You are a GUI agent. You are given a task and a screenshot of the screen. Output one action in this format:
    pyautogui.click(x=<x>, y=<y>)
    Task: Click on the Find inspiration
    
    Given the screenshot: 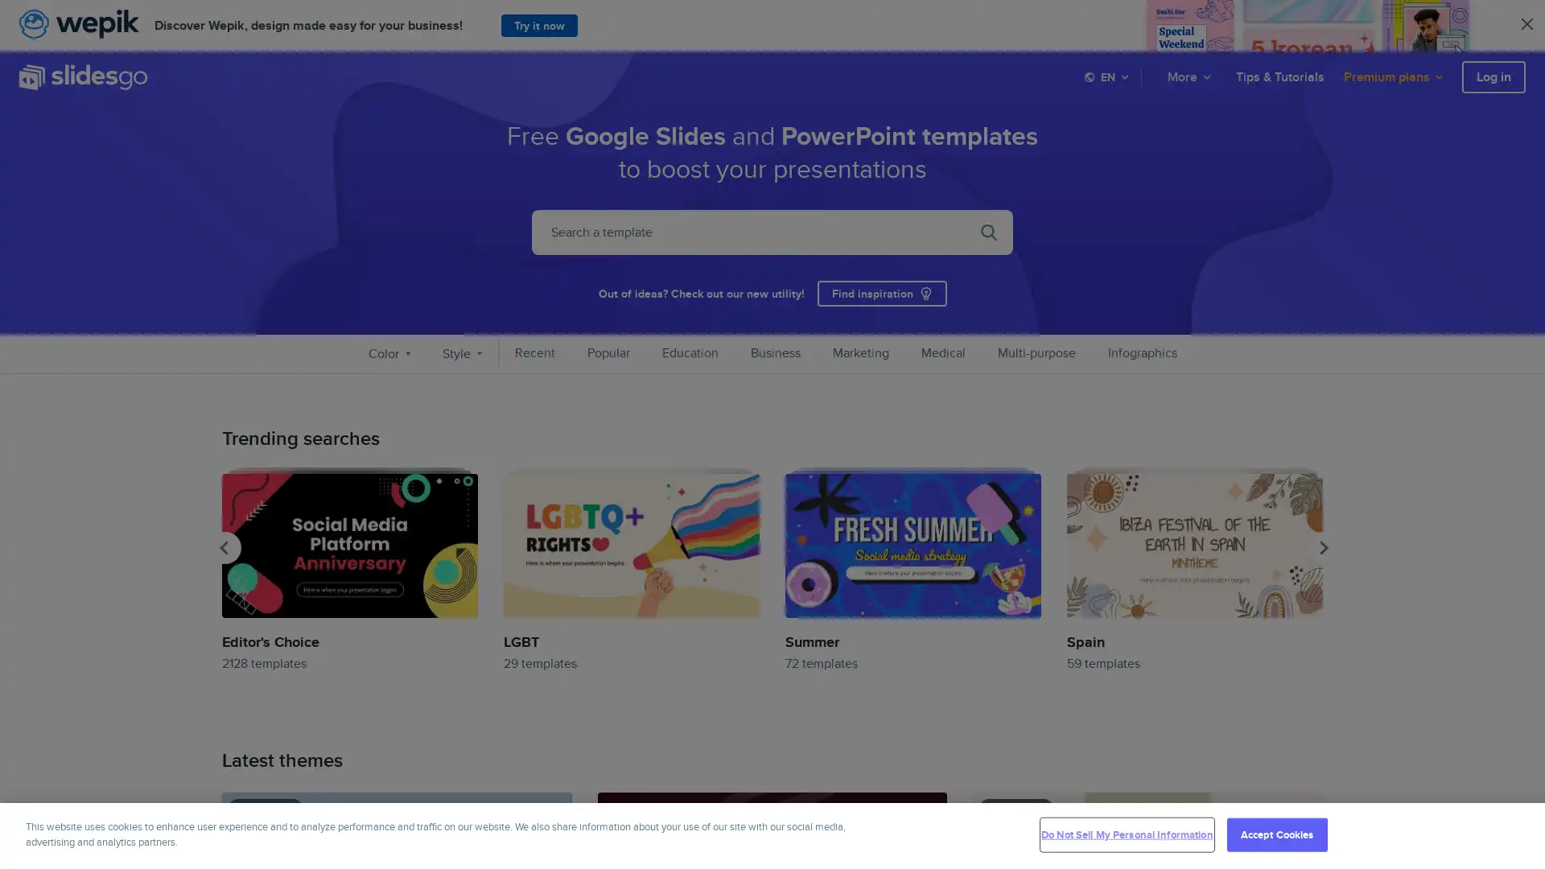 What is the action you would take?
    pyautogui.click(x=880, y=292)
    